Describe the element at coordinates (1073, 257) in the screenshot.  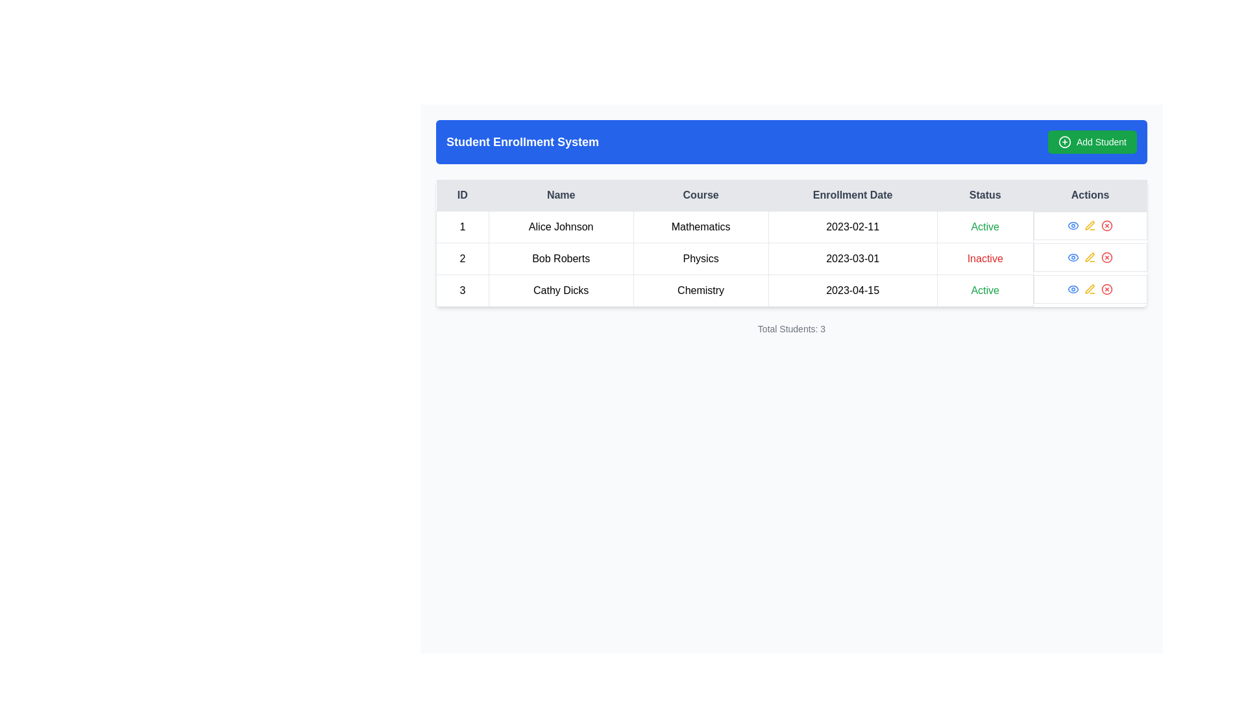
I see `the leftmost icon in the 'Actions' column of the second row for the user 'Bob Roberts'` at that location.